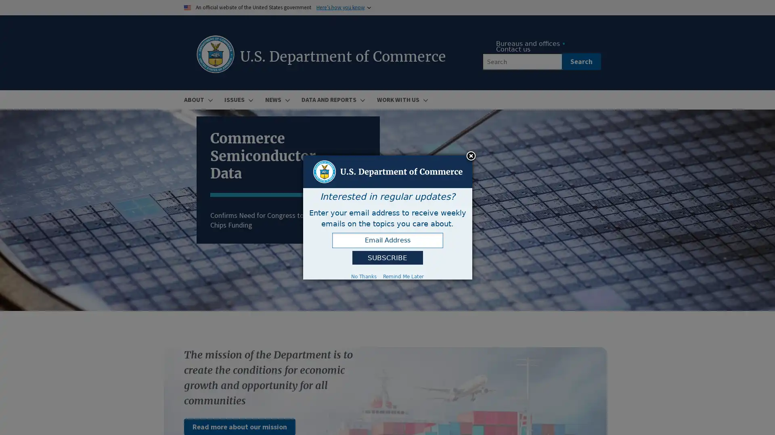 The image size is (775, 435). I want to click on NEWS, so click(276, 99).